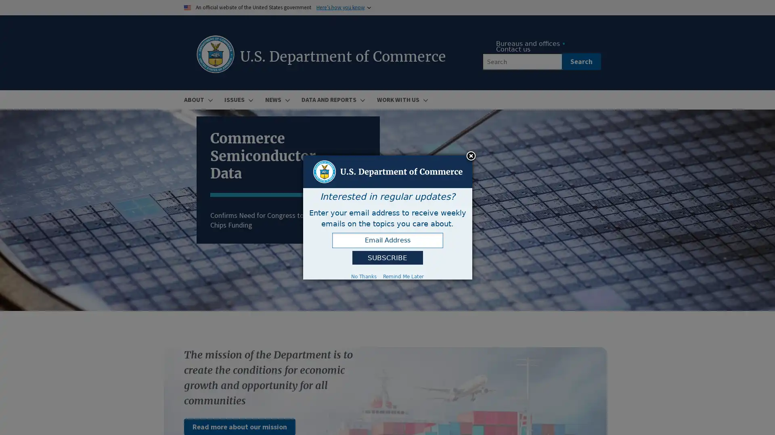 The image size is (775, 435). I want to click on NEWS, so click(276, 99).